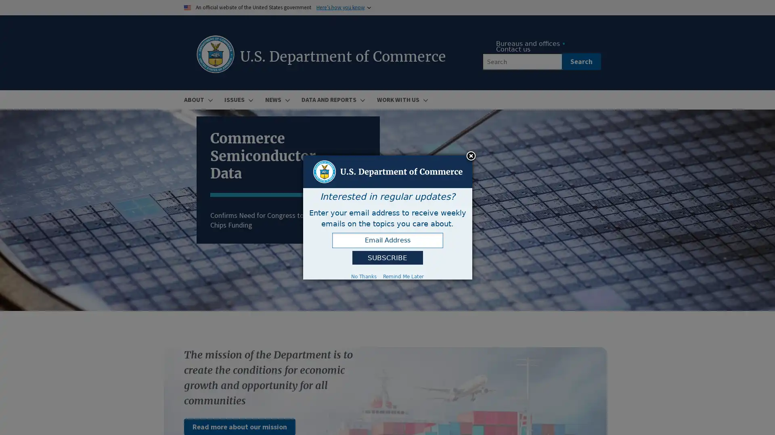 The image size is (775, 435). I want to click on NEWS, so click(276, 99).